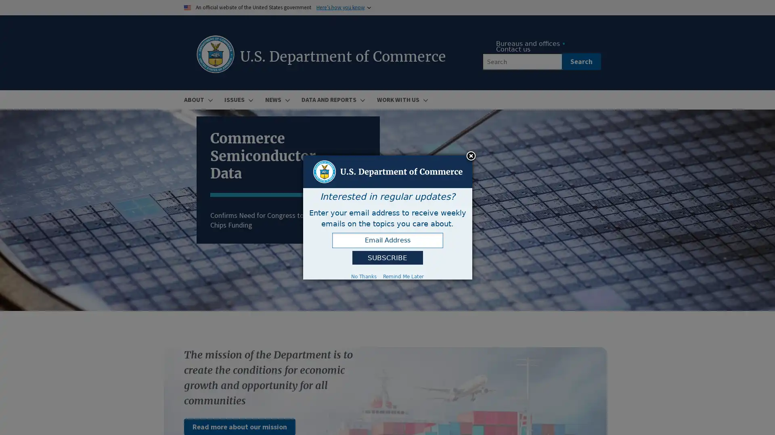 The image size is (775, 435). I want to click on NEWS, so click(276, 99).